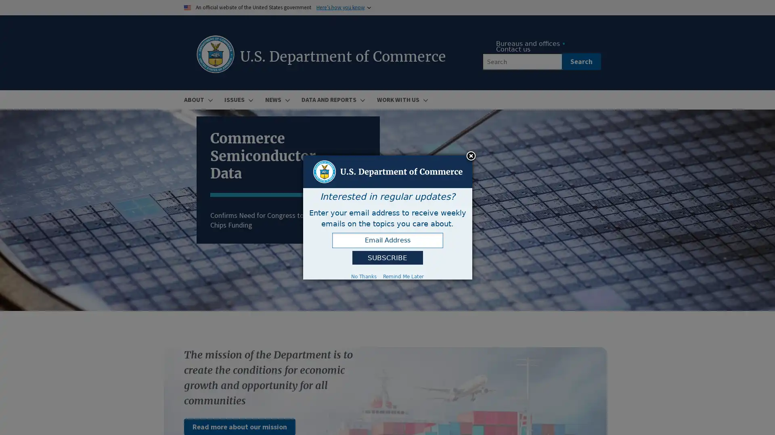 The image size is (775, 435). I want to click on NEWS, so click(276, 99).